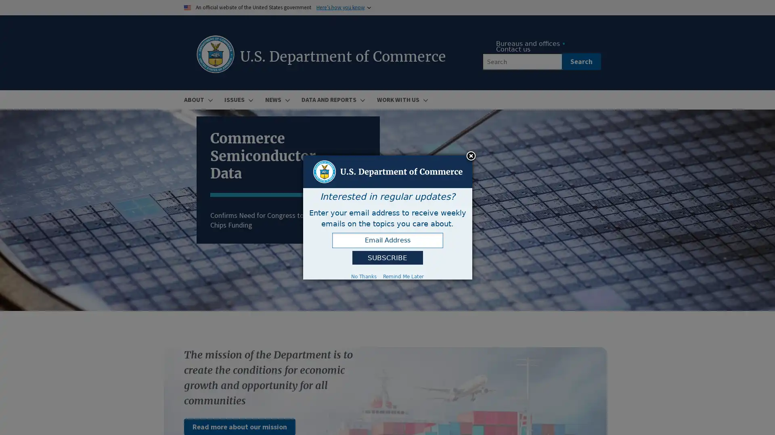 The image size is (775, 435). I want to click on NEWS, so click(276, 99).